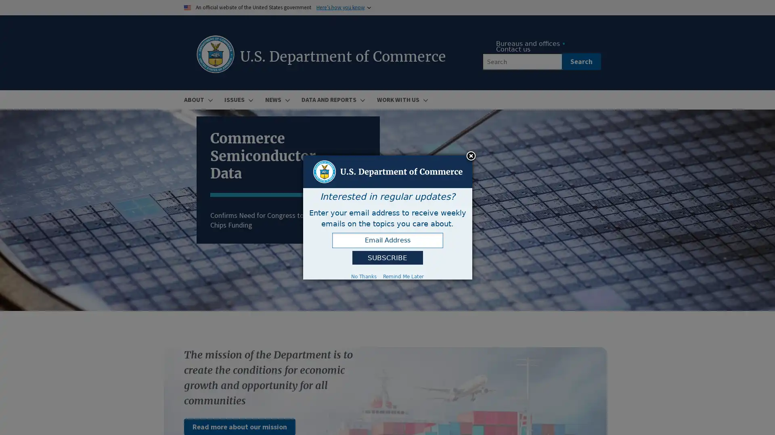 The image size is (775, 435). I want to click on NEWS, so click(276, 99).